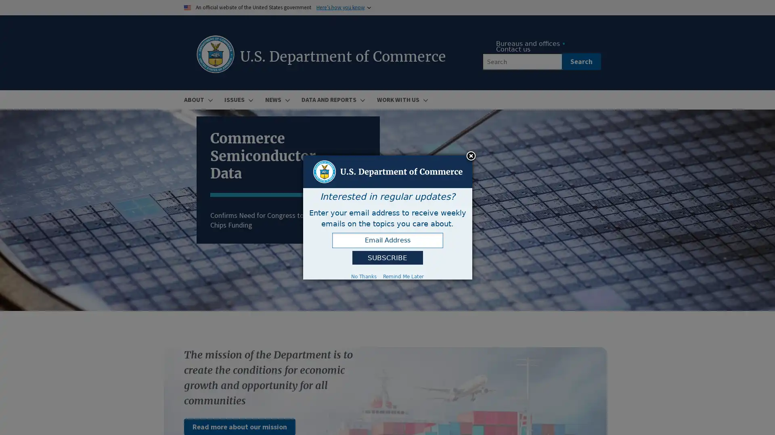 The image size is (775, 435). I want to click on NEWS, so click(276, 99).